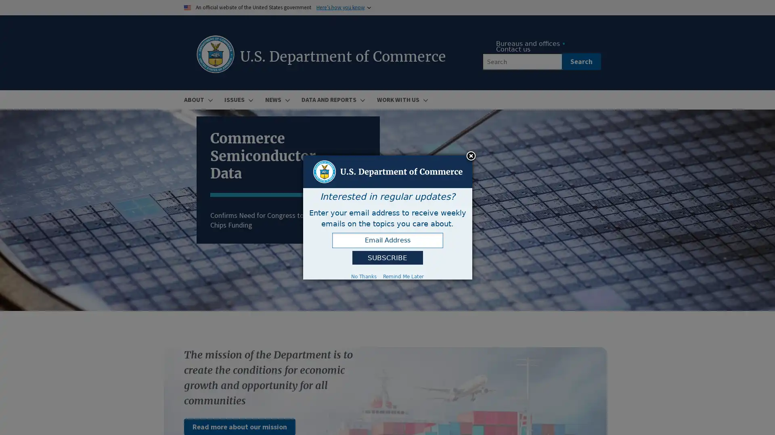 The image size is (775, 435). I want to click on NEWS, so click(276, 99).